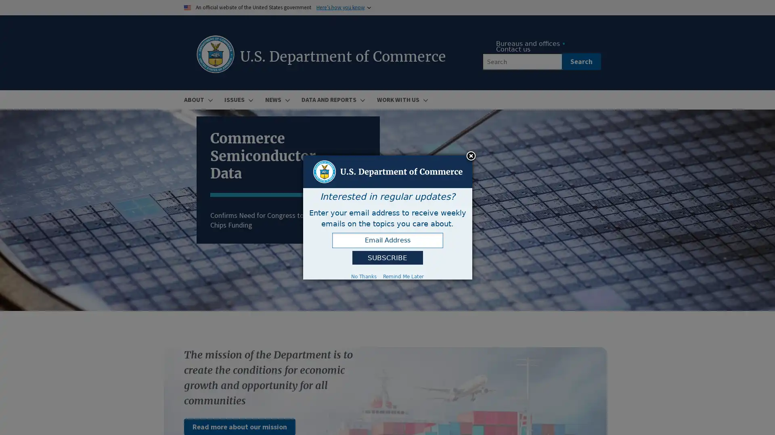 The image size is (775, 435). I want to click on NEWS, so click(276, 99).